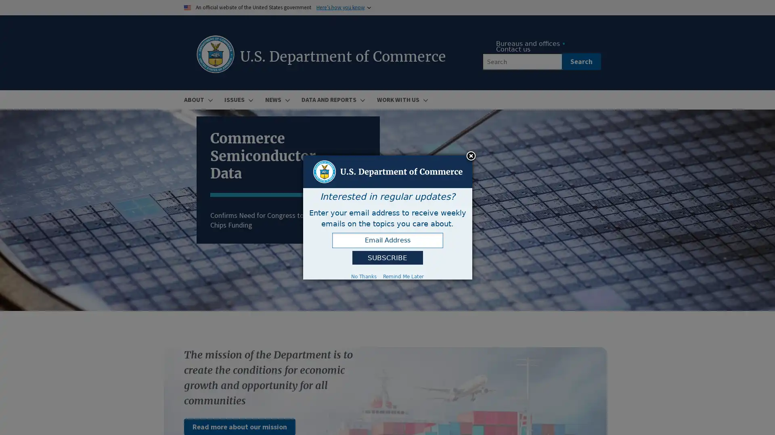 The image size is (775, 435). I want to click on NEWS, so click(276, 99).